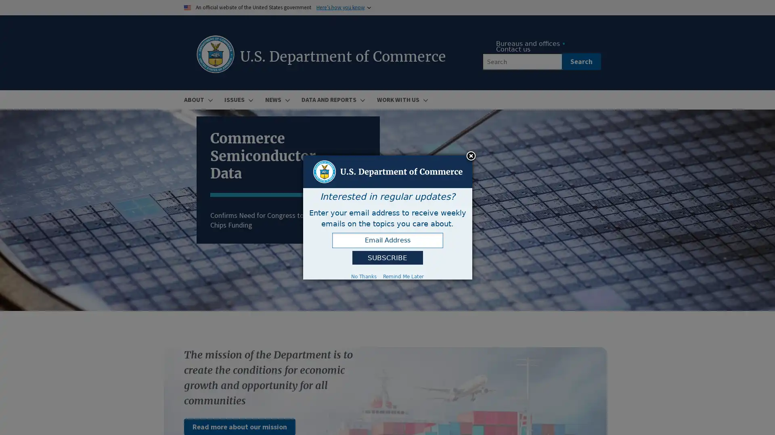 The image size is (775, 435). I want to click on NEWS, so click(276, 99).